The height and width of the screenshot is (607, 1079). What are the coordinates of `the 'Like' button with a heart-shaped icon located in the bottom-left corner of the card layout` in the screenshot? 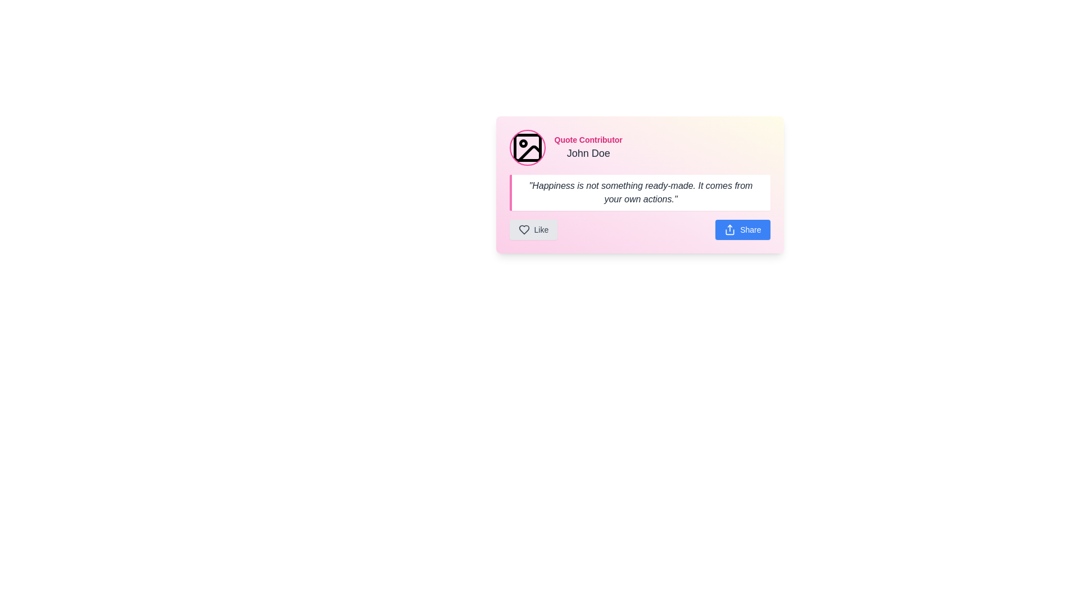 It's located at (533, 229).